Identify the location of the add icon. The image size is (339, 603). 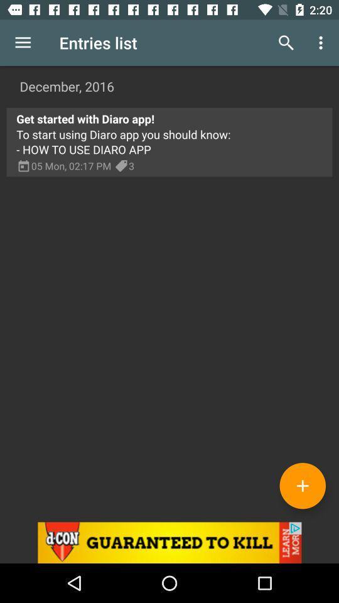
(302, 485).